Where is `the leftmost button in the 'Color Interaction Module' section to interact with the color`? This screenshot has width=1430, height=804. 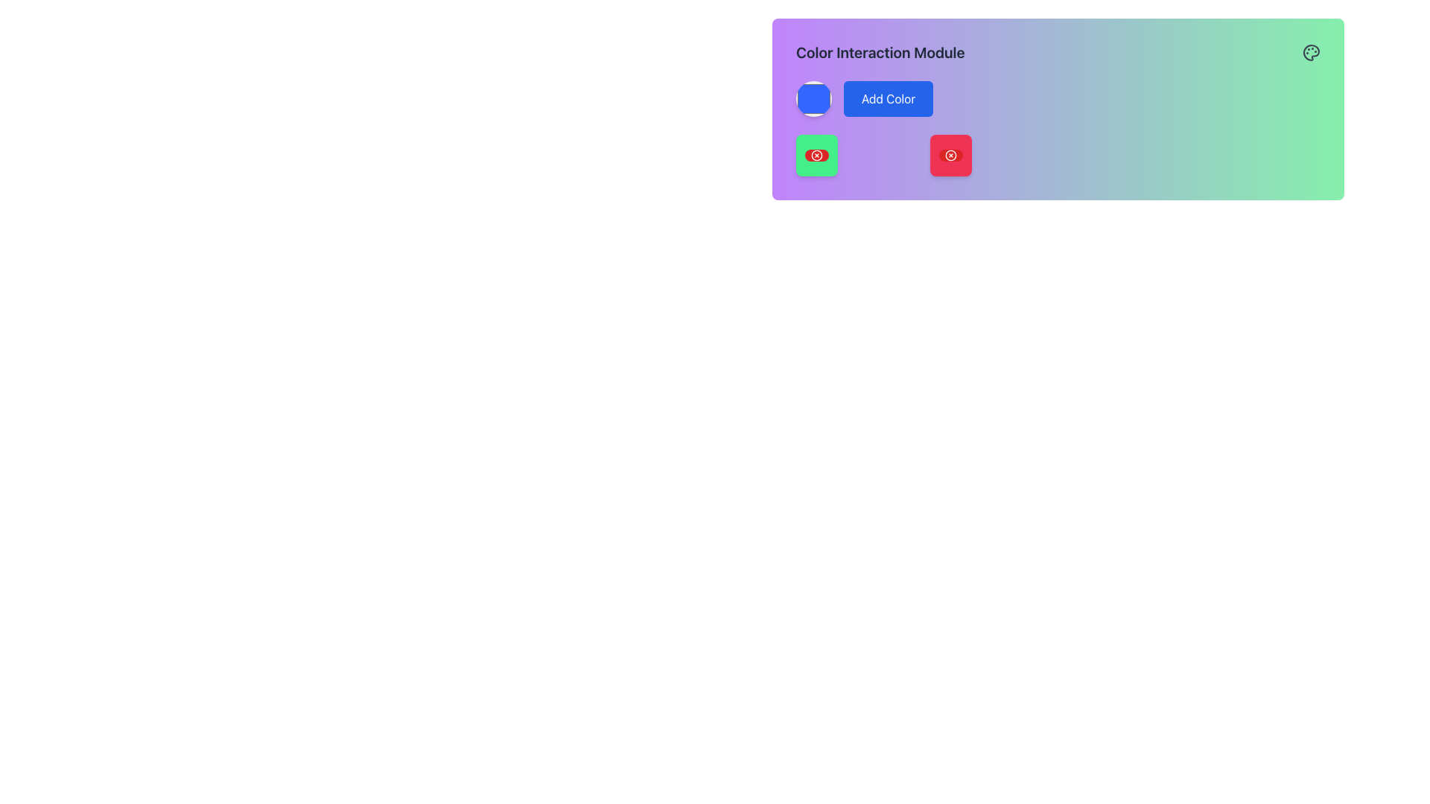 the leftmost button in the 'Color Interaction Module' section to interact with the color is located at coordinates (813, 98).